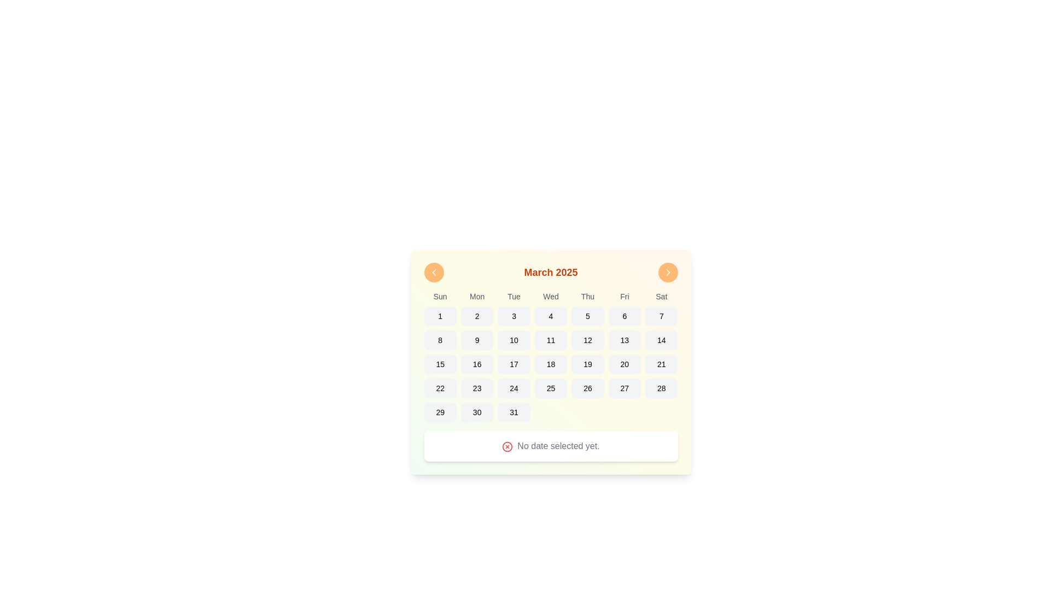  What do you see at coordinates (440, 340) in the screenshot?
I see `the button labeled '8' in the calendar grid` at bounding box center [440, 340].